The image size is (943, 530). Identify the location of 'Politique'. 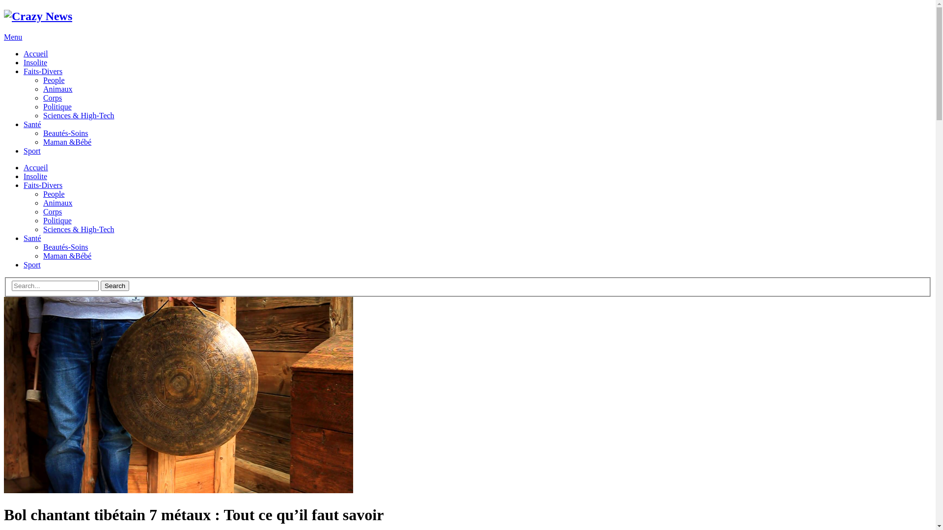
(56, 220).